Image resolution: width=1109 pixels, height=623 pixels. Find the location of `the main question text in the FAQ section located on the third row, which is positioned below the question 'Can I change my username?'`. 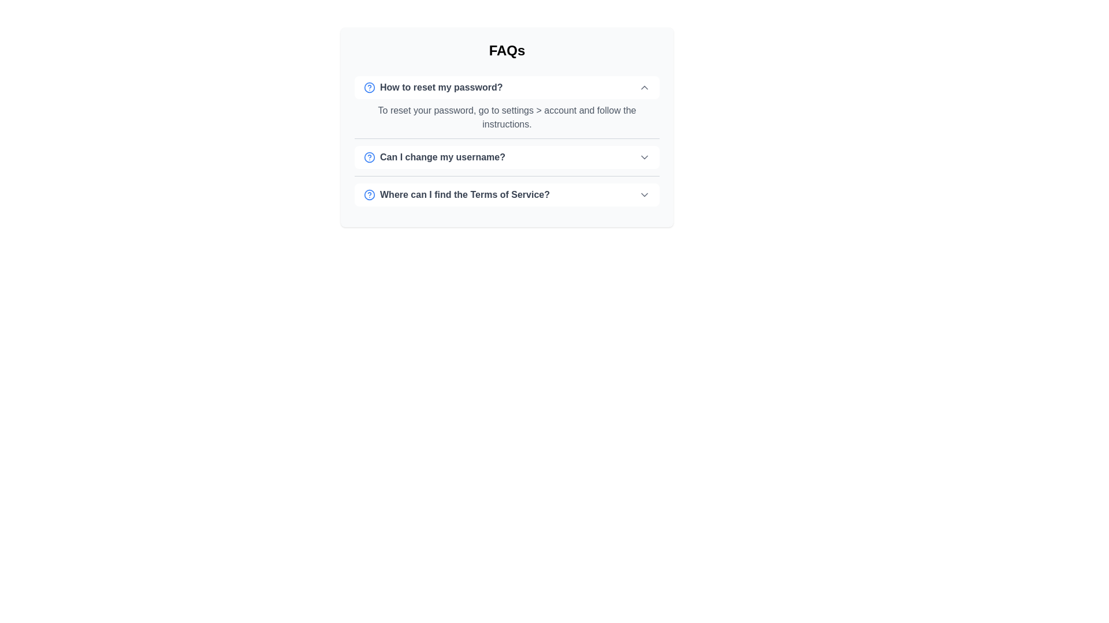

the main question text in the FAQ section located on the third row, which is positioned below the question 'Can I change my username?' is located at coordinates (456, 194).